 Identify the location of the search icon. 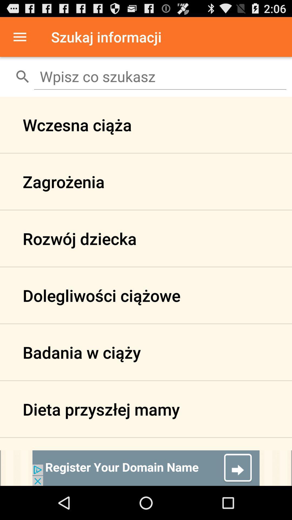
(22, 76).